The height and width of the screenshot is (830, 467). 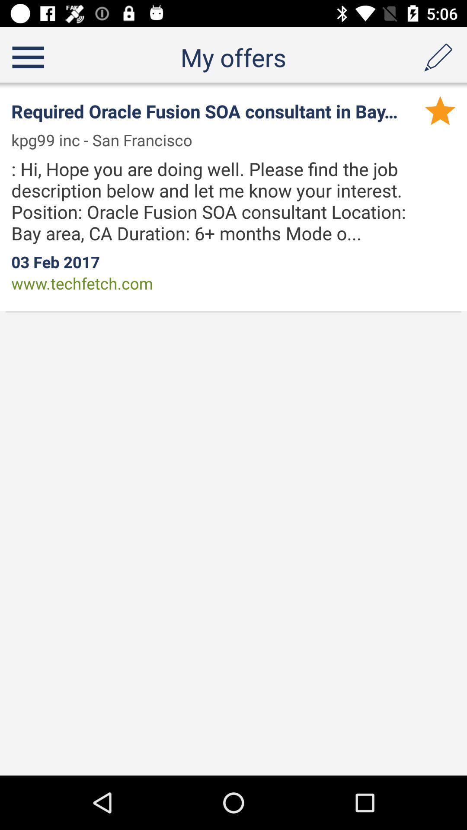 I want to click on the 03 feb 2017 app, so click(x=55, y=261).